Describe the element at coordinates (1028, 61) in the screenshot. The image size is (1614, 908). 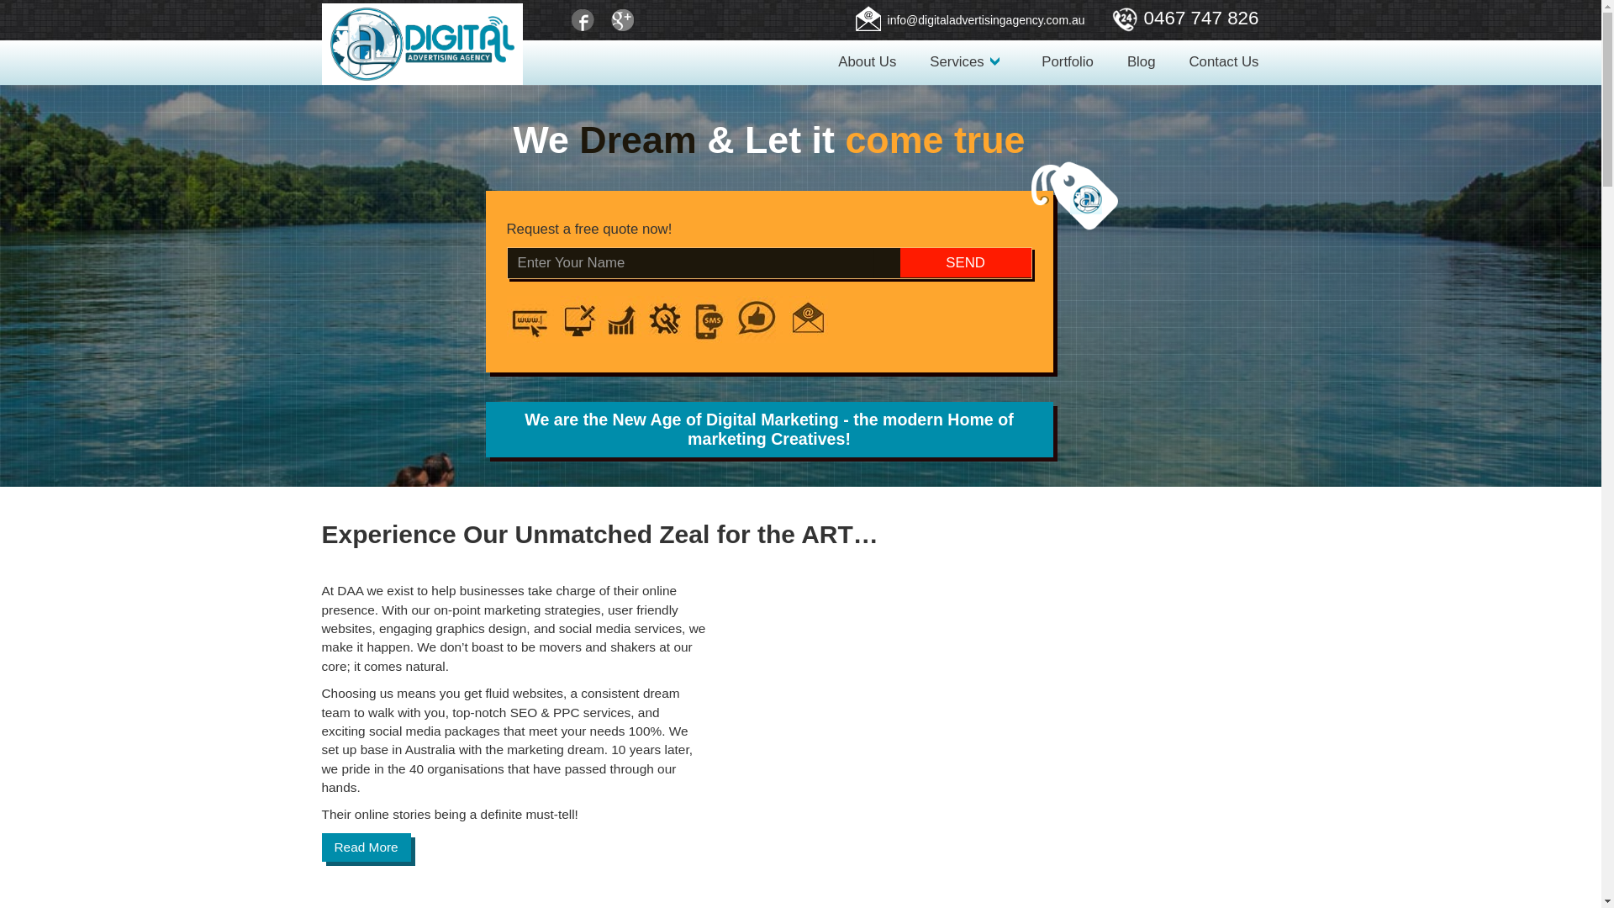
I see `'Portfolio'` at that location.